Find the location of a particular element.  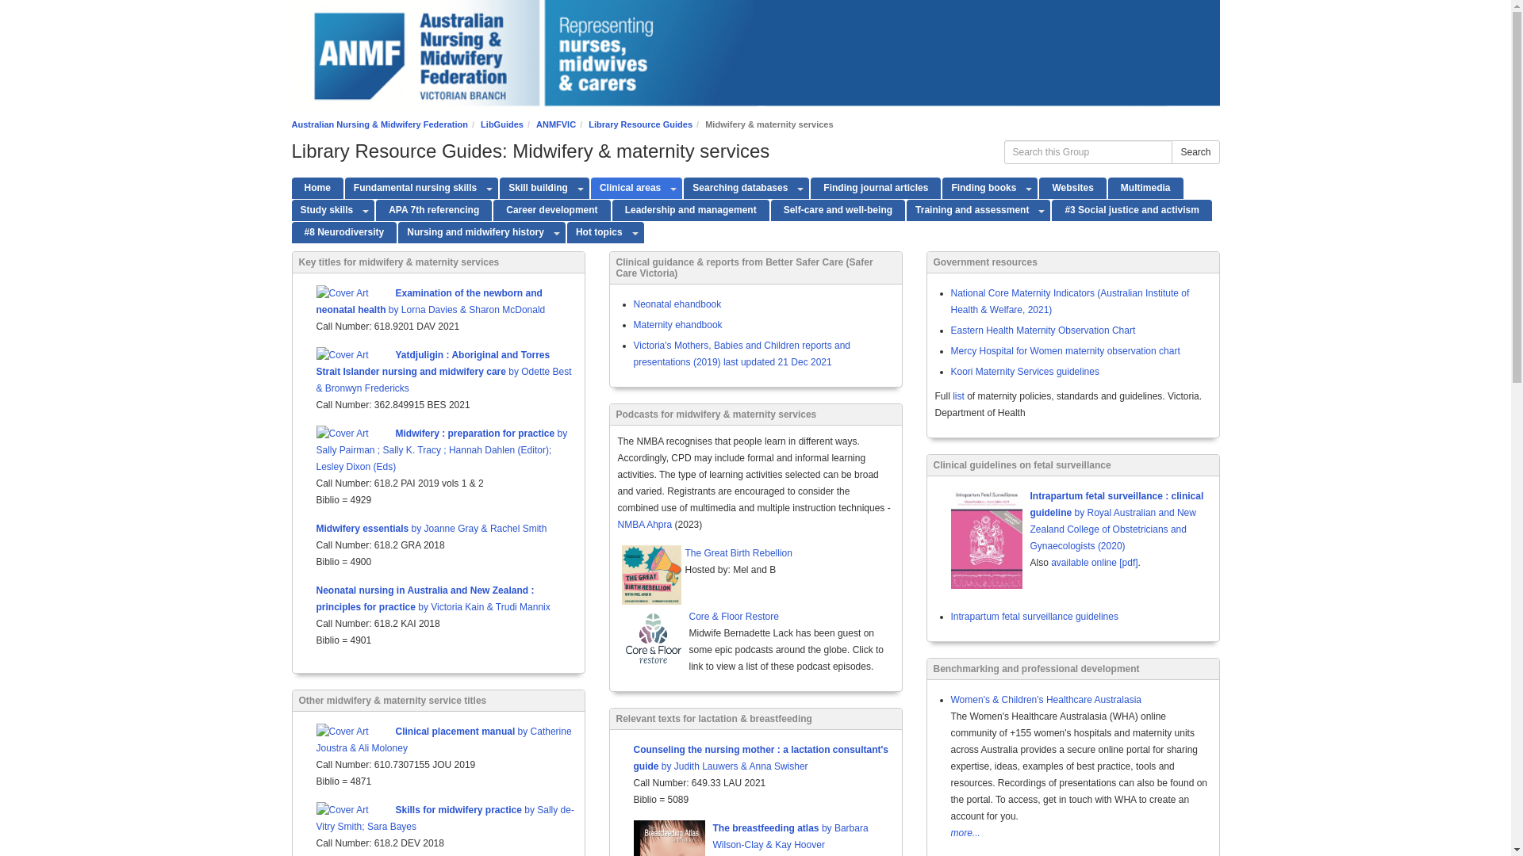

'Websites' is located at coordinates (1039, 187).